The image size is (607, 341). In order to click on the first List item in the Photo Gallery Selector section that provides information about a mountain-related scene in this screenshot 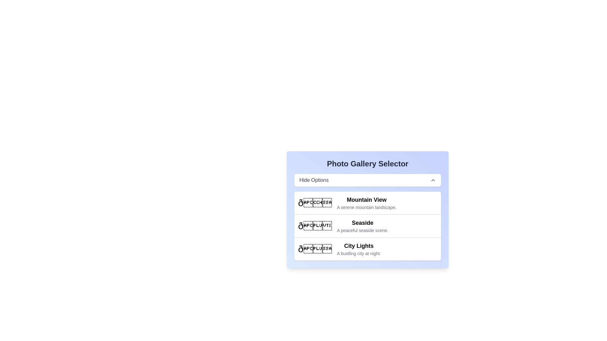, I will do `click(367, 203)`.